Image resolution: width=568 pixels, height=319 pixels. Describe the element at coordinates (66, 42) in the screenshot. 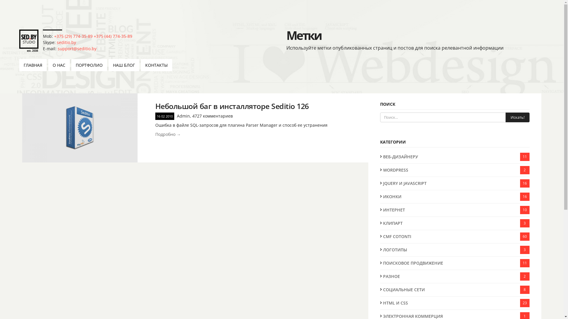

I see `'seditio.by'` at that location.